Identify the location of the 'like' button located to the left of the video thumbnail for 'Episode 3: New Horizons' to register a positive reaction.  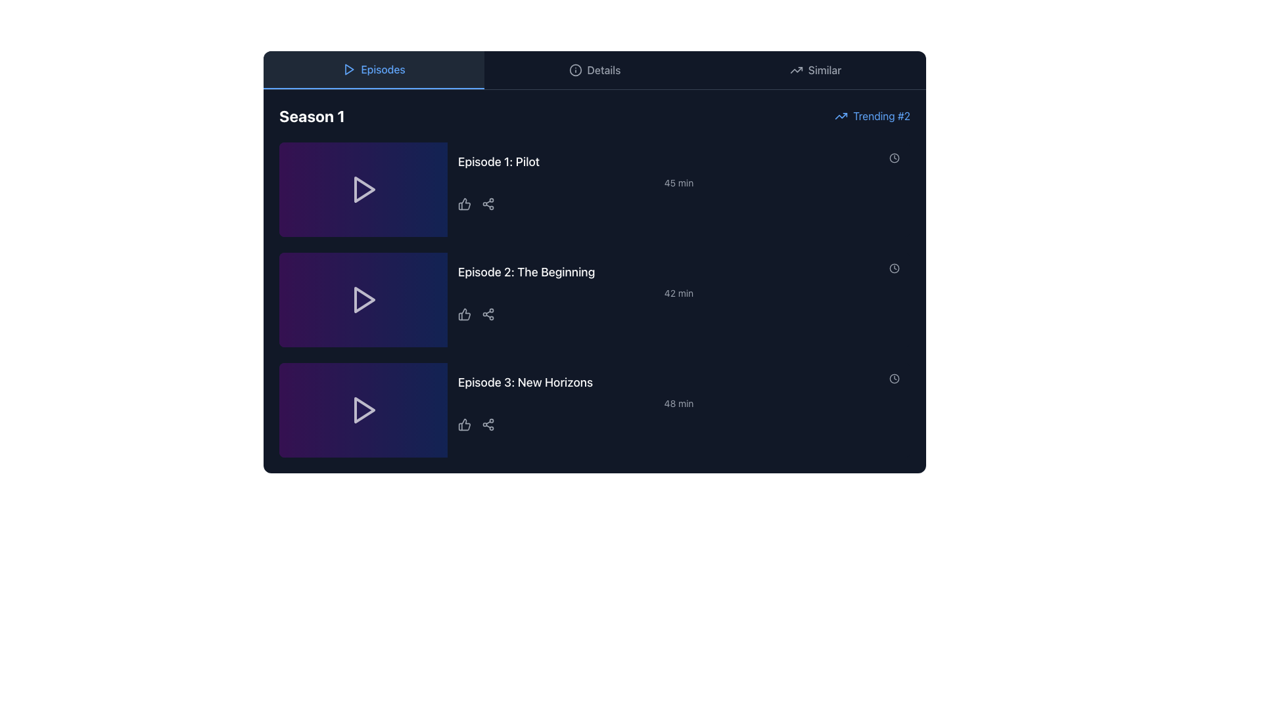
(464, 425).